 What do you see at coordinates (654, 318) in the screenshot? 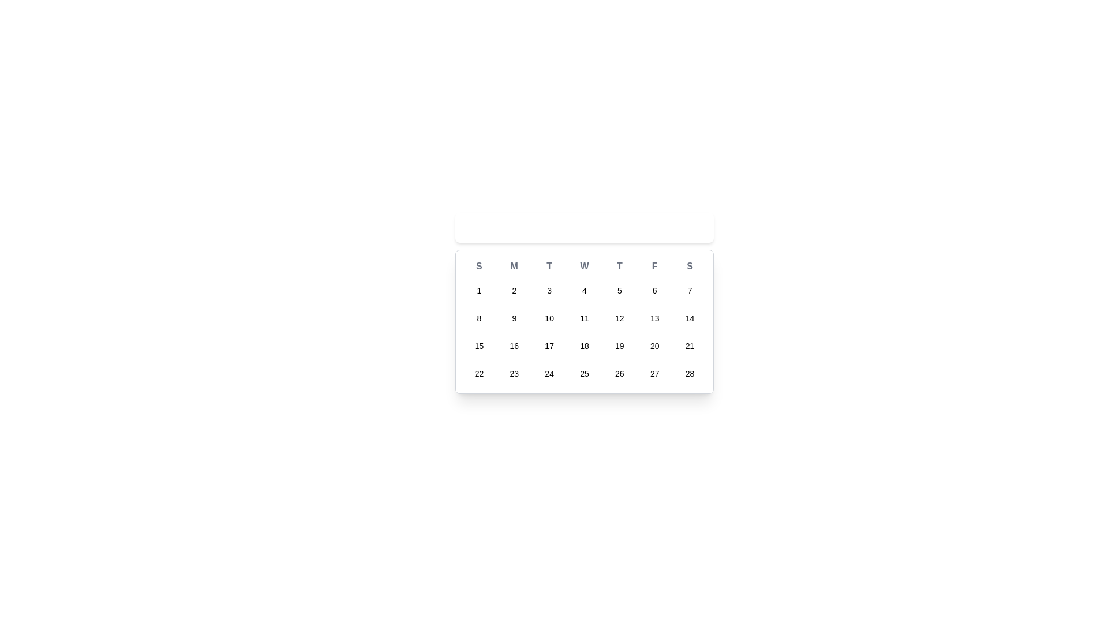
I see `the button element representing the date '13' in the calendar grid` at bounding box center [654, 318].